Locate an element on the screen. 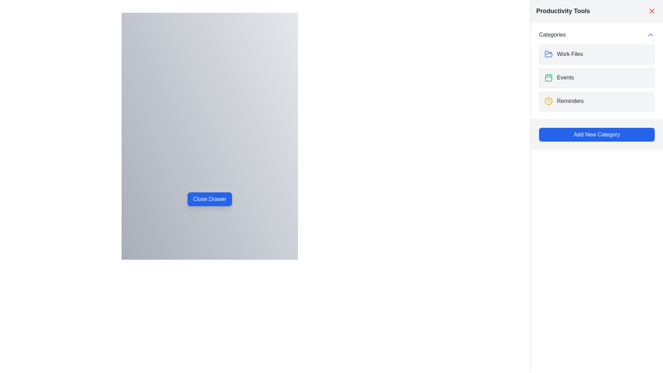  the close button located in the top-right corner of the 'Productivity Tools' sidebar is located at coordinates (651, 11).